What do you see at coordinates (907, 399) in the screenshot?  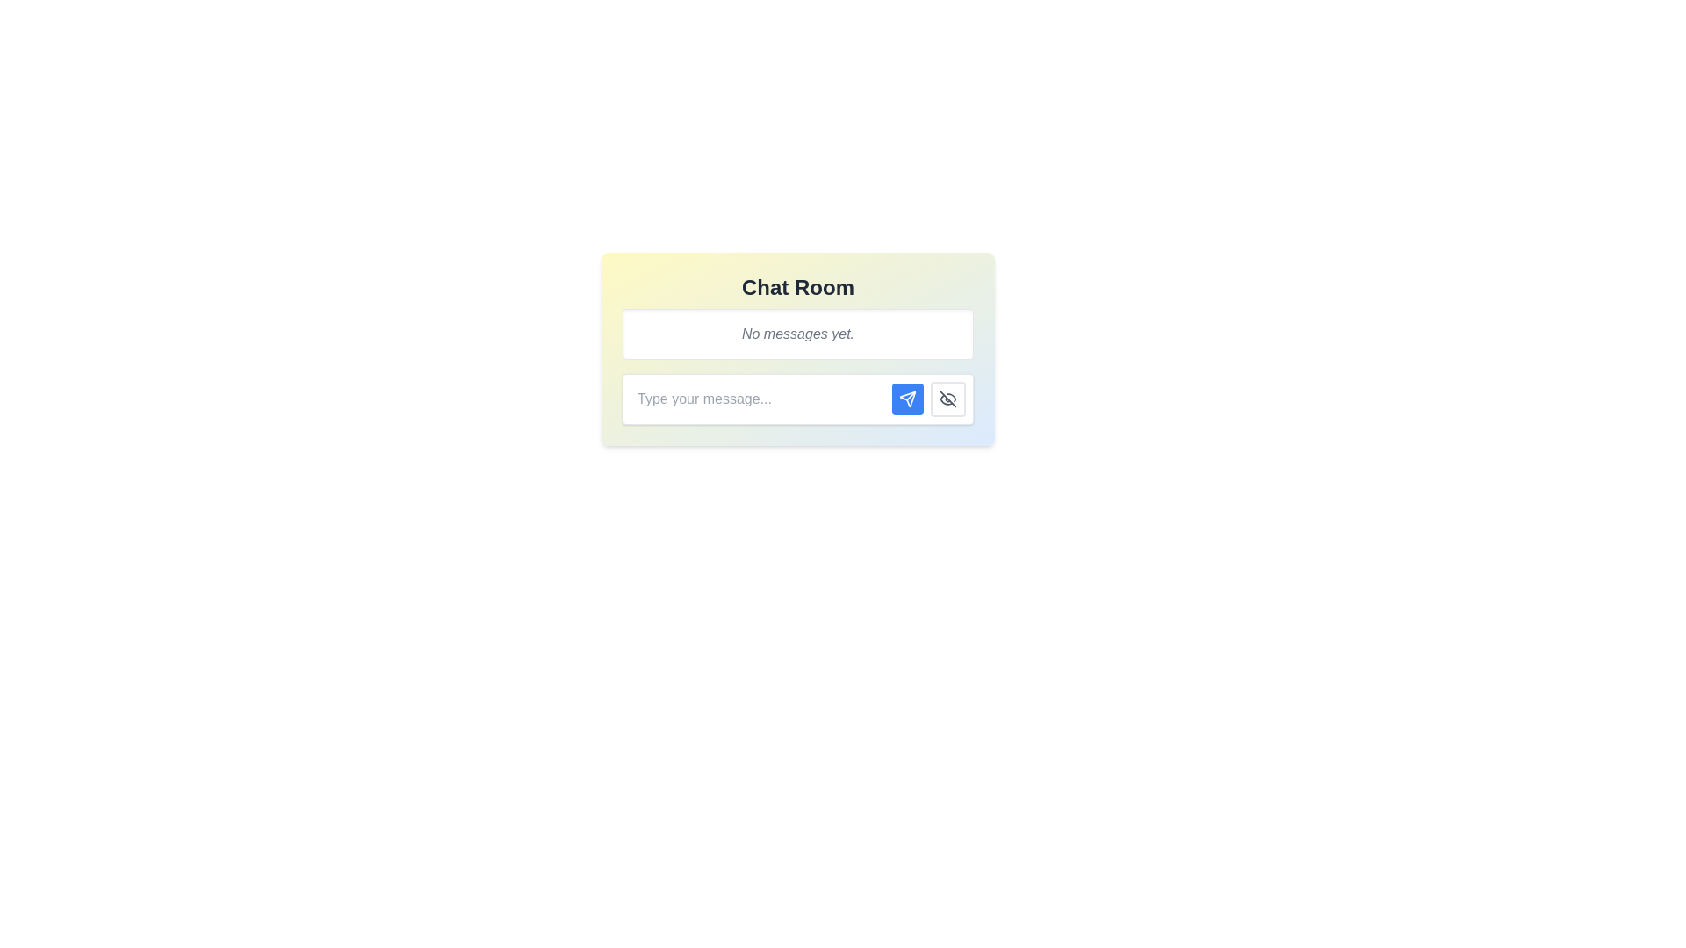 I see `the leftmost graphical element of the 'send' icon, which is part of the input field for typing messages` at bounding box center [907, 399].